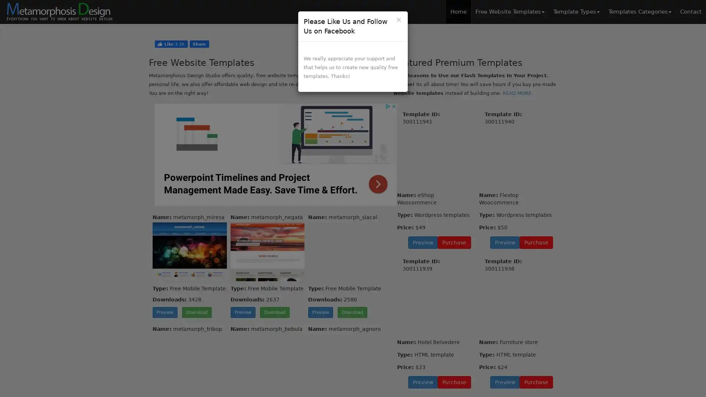 This screenshot has height=397, width=706. What do you see at coordinates (454, 382) in the screenshot?
I see `Purchase` at bounding box center [454, 382].